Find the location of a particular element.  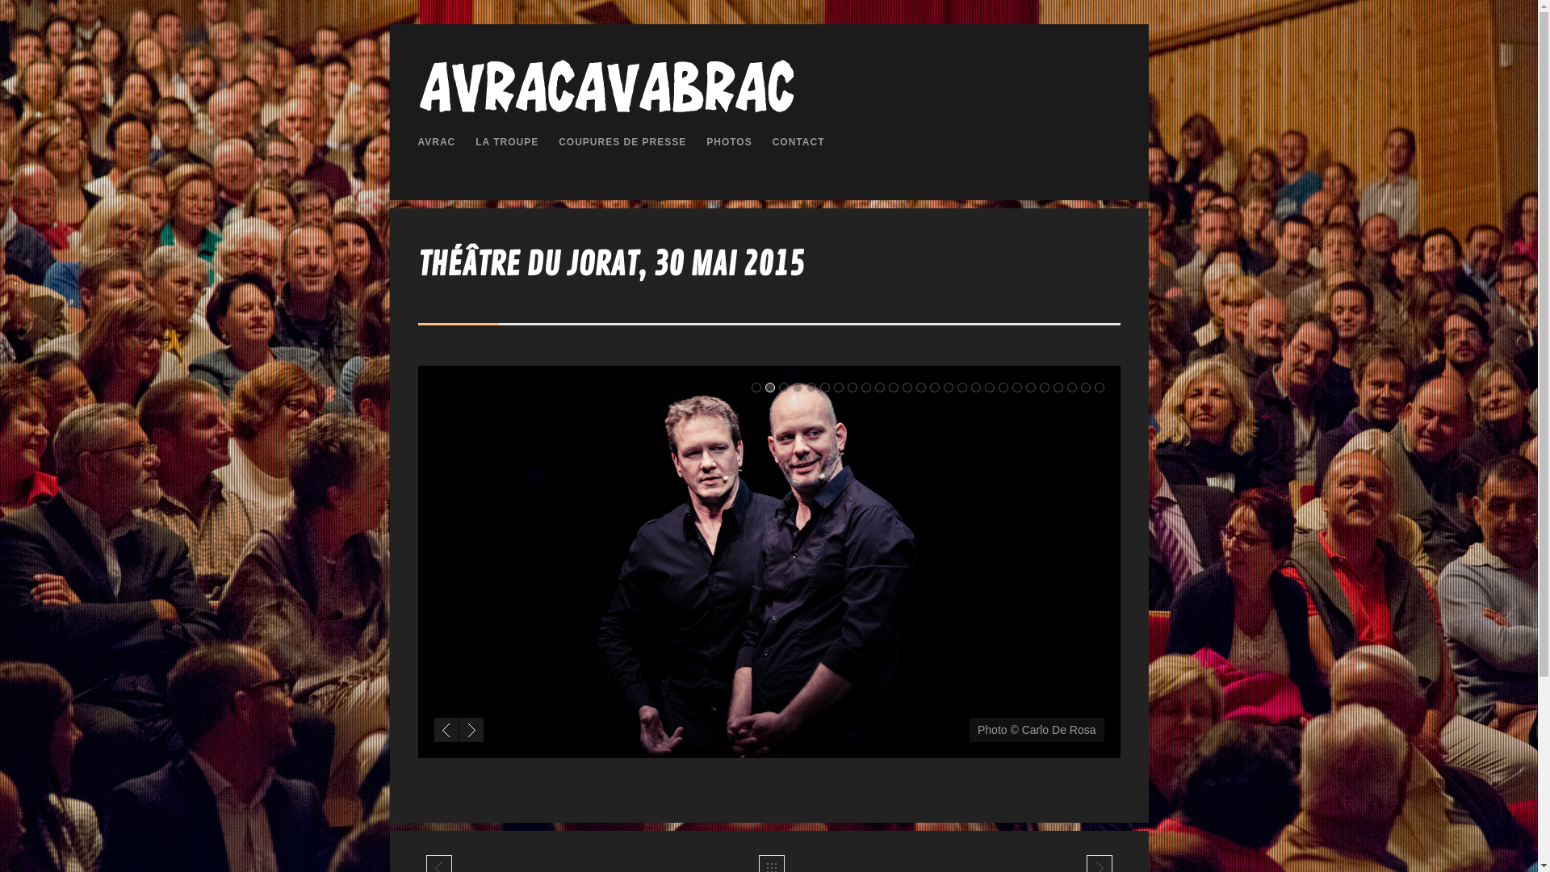

'AvrAcAvAbrAc' is located at coordinates (605, 111).